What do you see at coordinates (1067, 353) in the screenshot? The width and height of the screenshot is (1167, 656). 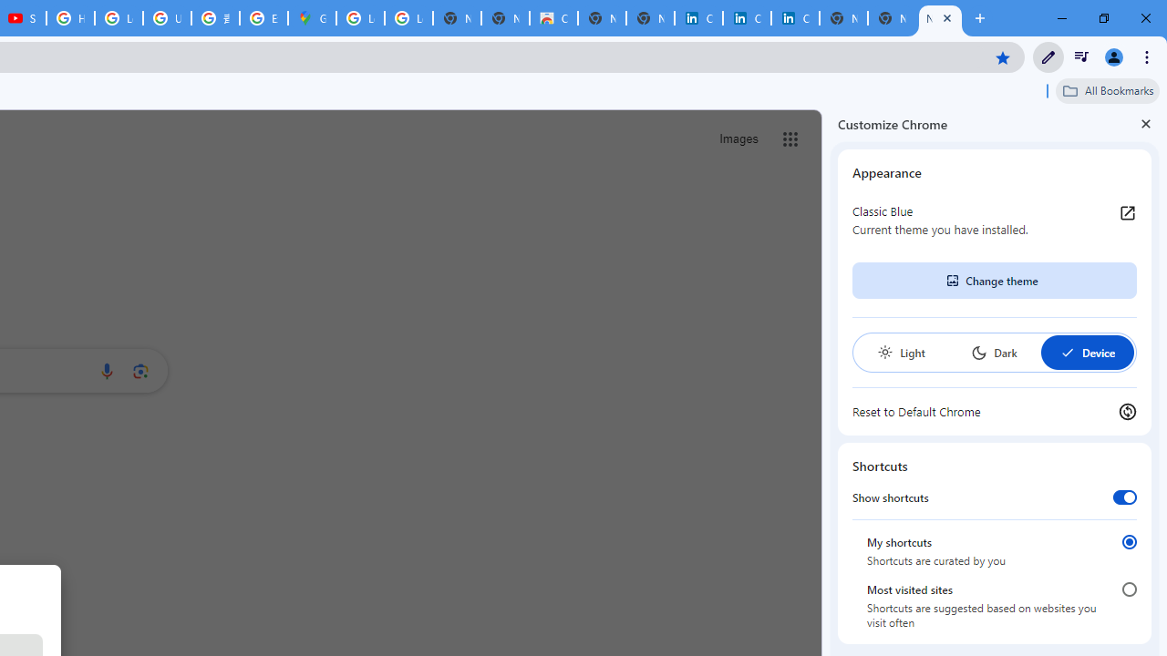 I see `'AutomationID: baseSvg'` at bounding box center [1067, 353].